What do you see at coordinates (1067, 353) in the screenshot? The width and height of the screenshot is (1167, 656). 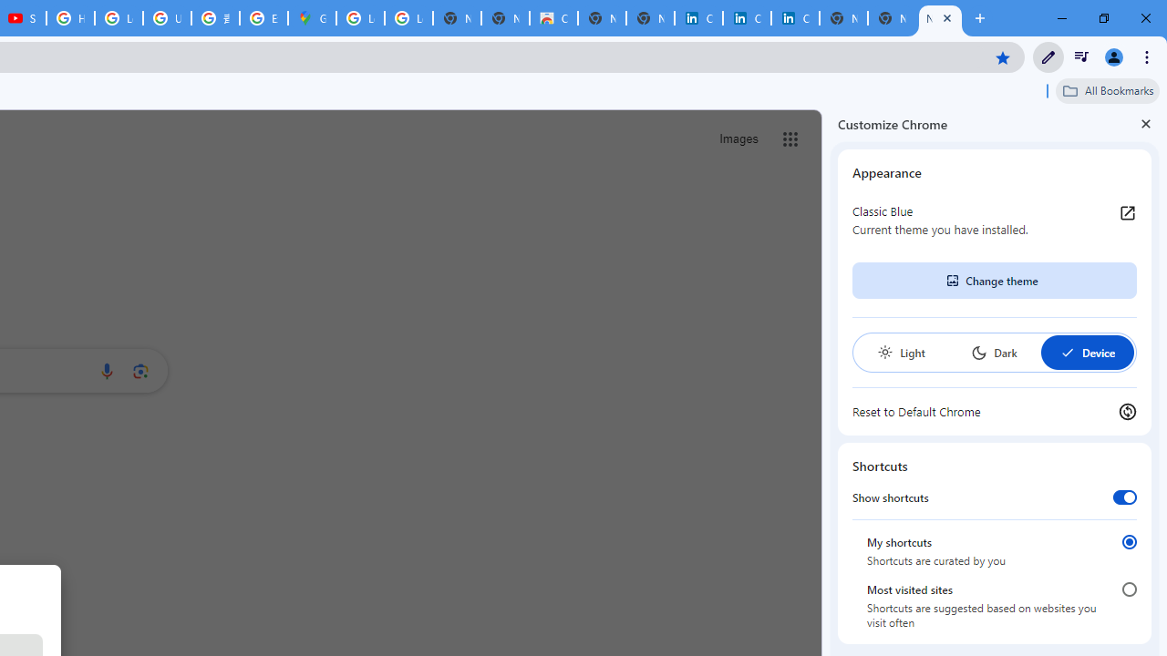 I see `'AutomationID: baseSvg'` at bounding box center [1067, 353].